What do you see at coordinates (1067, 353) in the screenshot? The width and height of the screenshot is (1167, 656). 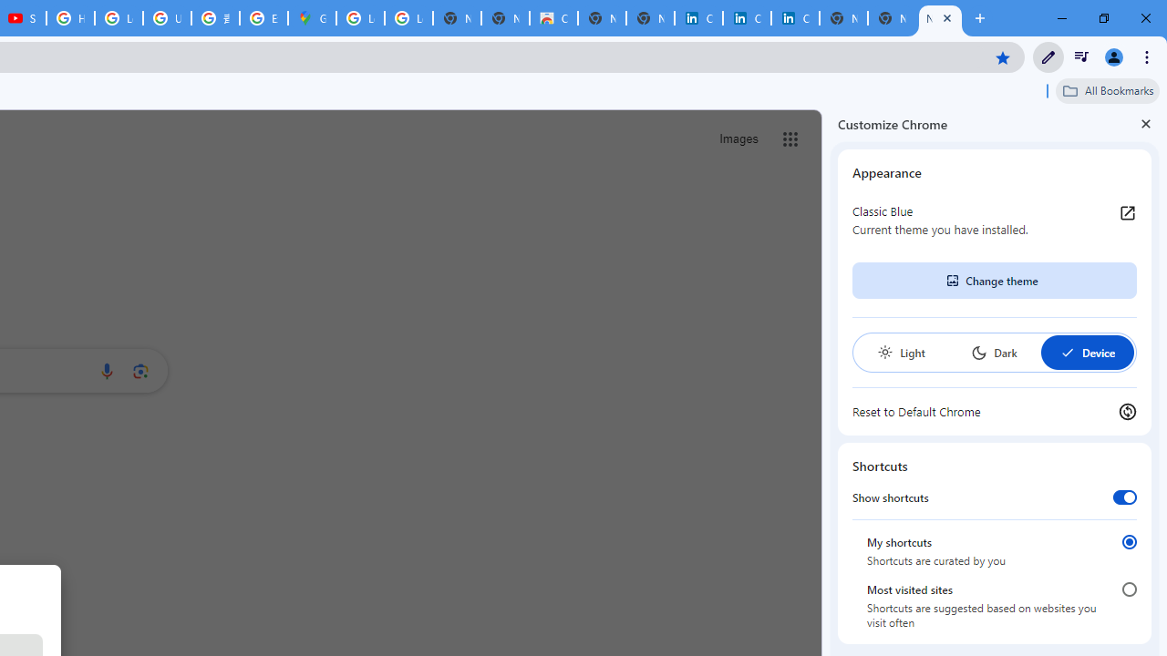 I see `'AutomationID: baseSvg'` at bounding box center [1067, 353].